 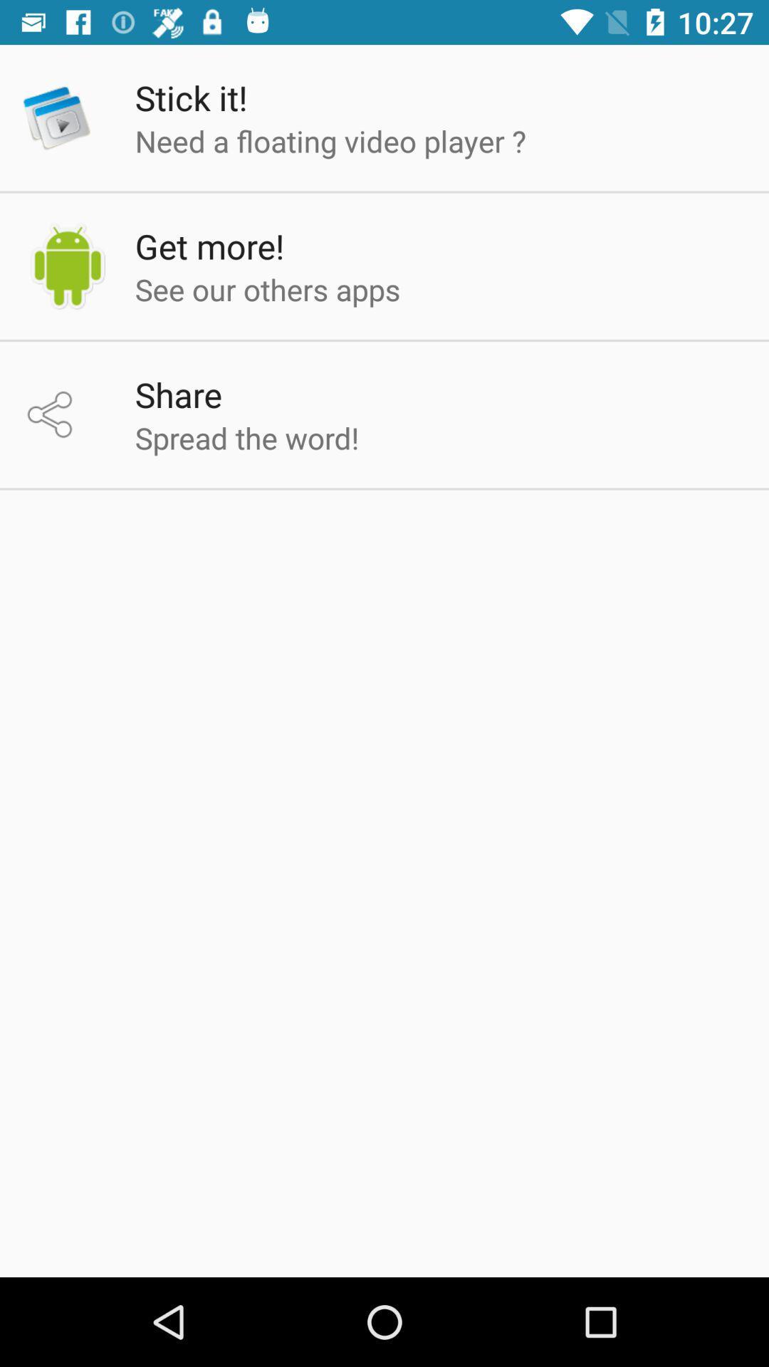 I want to click on the icon above share, so click(x=268, y=288).